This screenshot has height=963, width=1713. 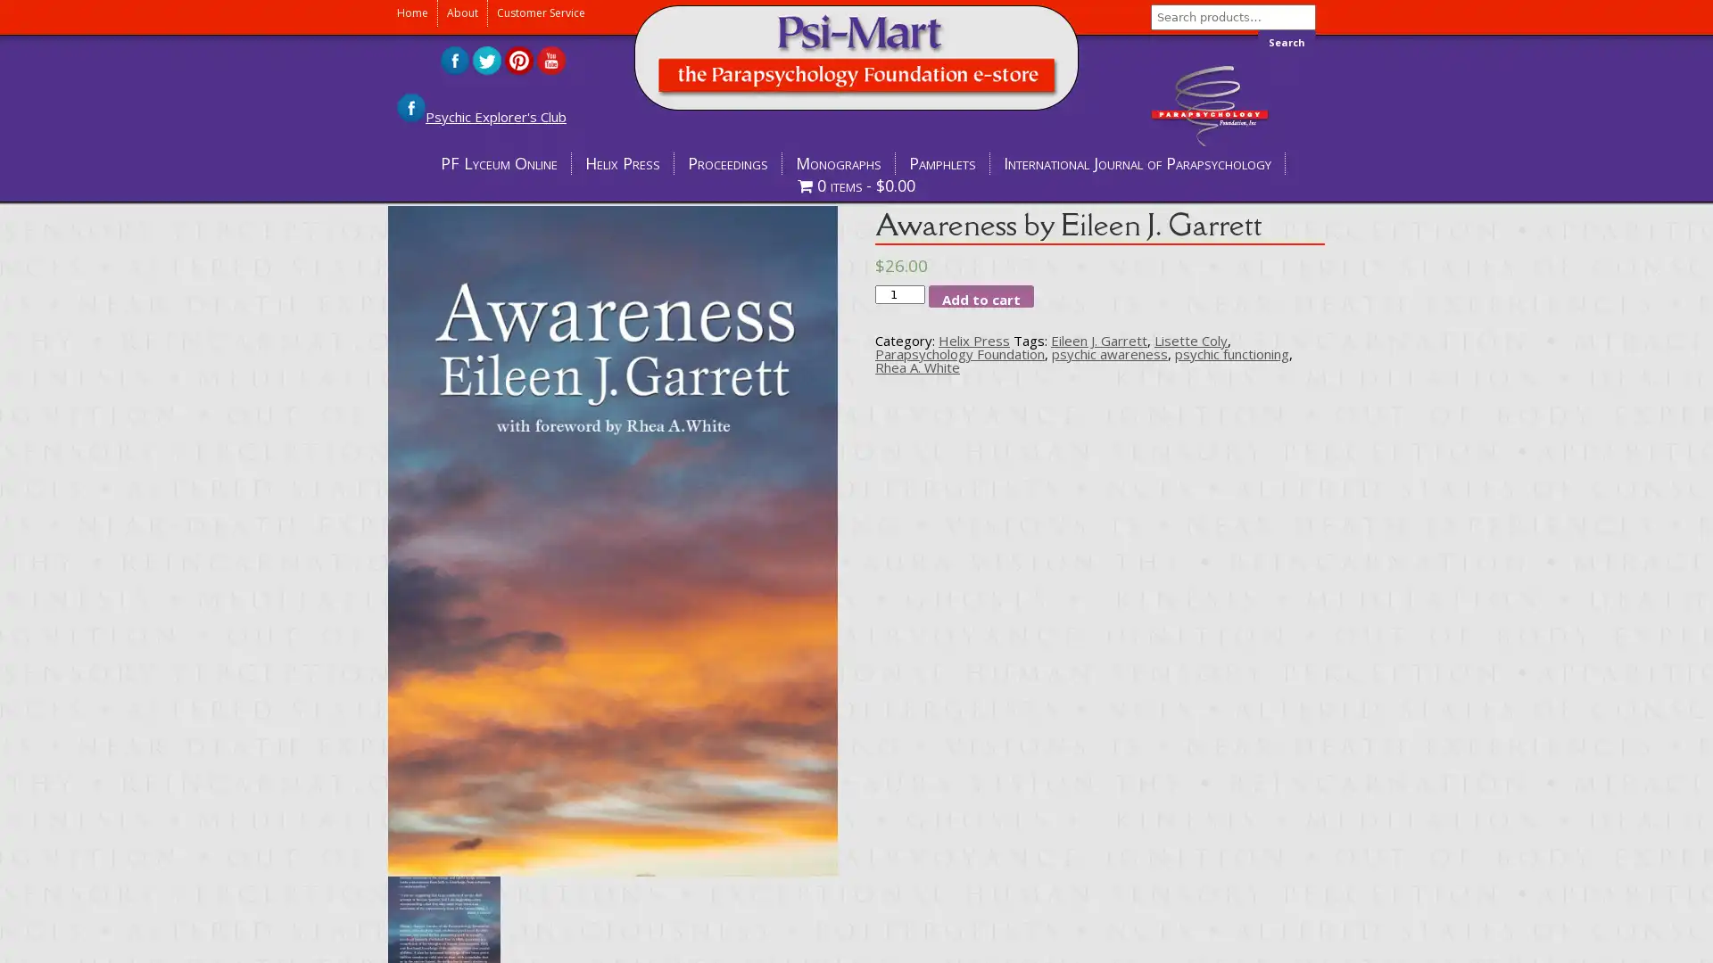 I want to click on Add to cart, so click(x=980, y=294).